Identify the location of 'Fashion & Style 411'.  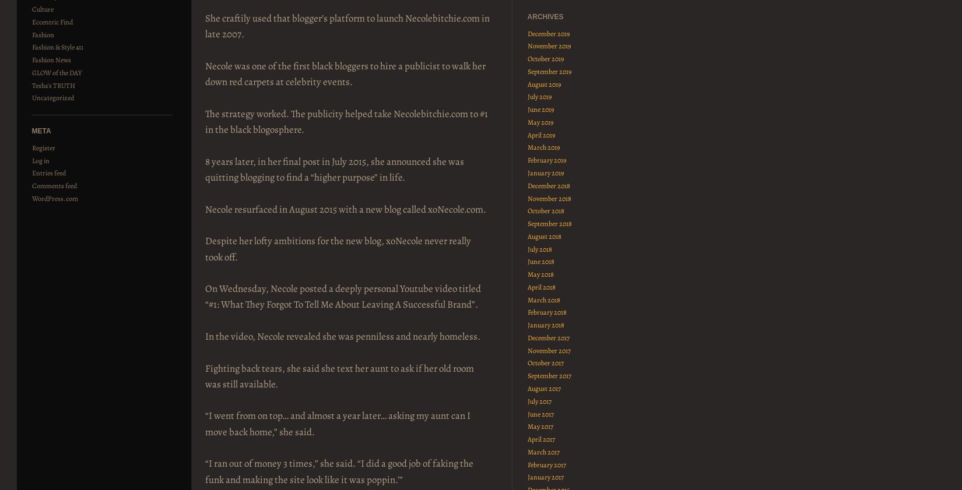
(31, 46).